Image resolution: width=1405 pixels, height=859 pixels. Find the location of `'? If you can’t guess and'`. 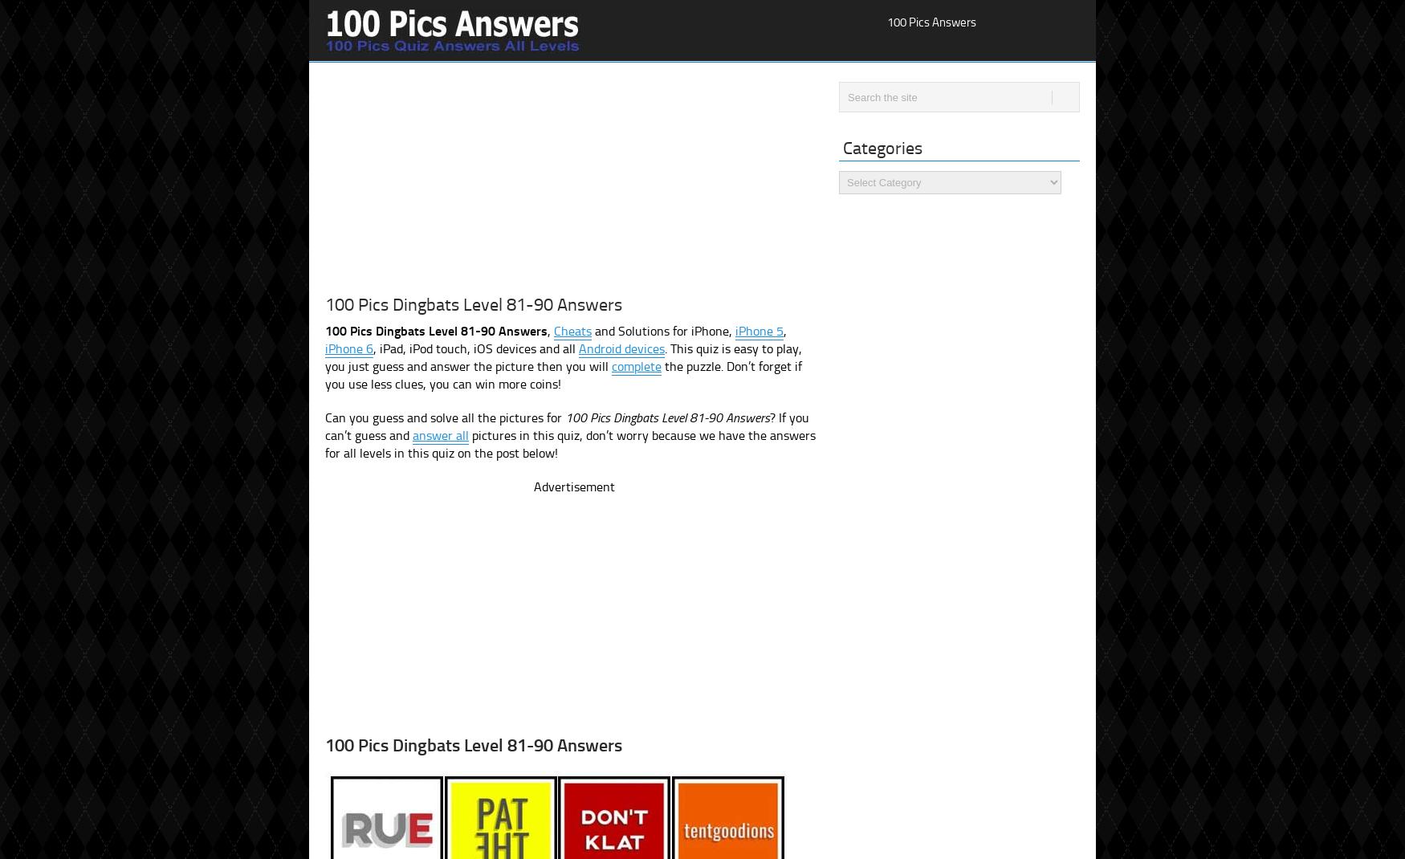

'? If you can’t guess and' is located at coordinates (567, 426).